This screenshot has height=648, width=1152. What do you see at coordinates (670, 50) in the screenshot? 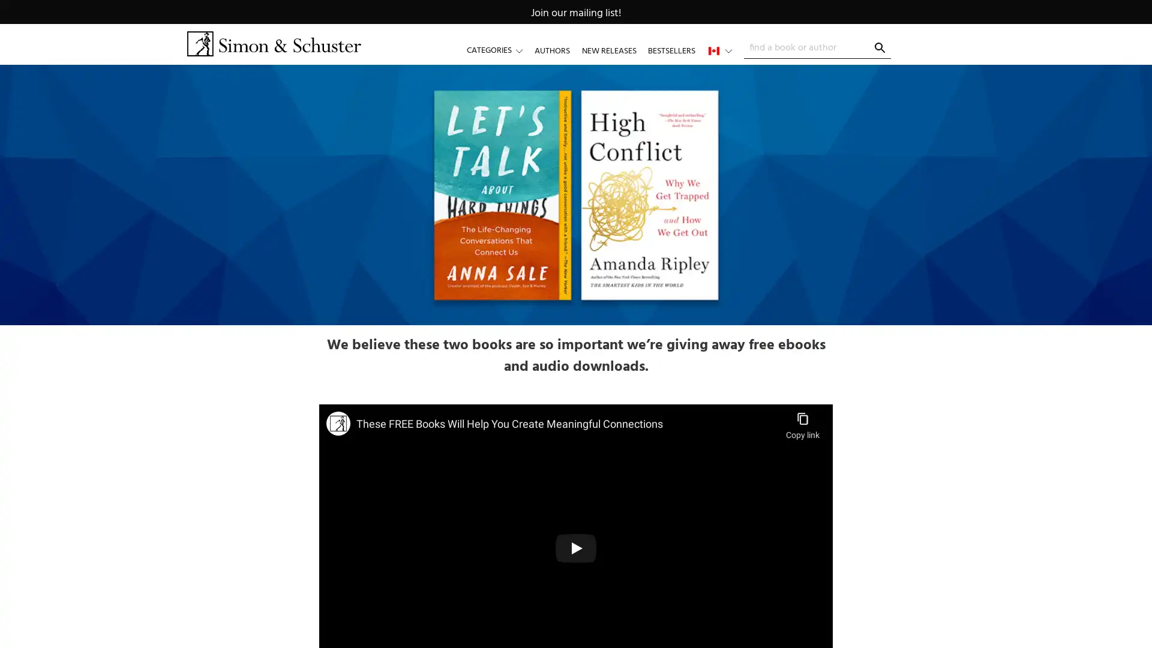
I see `BESTSELLERS` at bounding box center [670, 50].